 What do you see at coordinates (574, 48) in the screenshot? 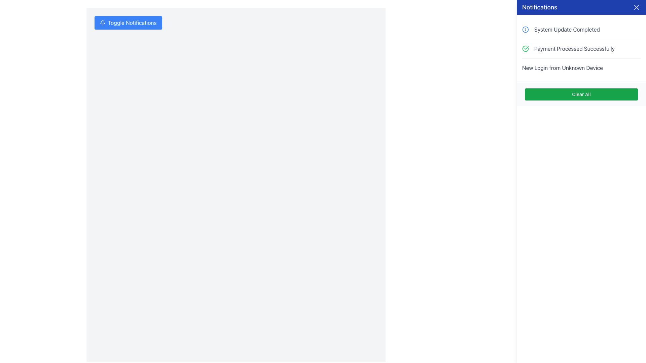
I see `text of the successful payment notification message located in the notifications panel, which is the second message in the list beneath a green checkmark icon` at bounding box center [574, 48].